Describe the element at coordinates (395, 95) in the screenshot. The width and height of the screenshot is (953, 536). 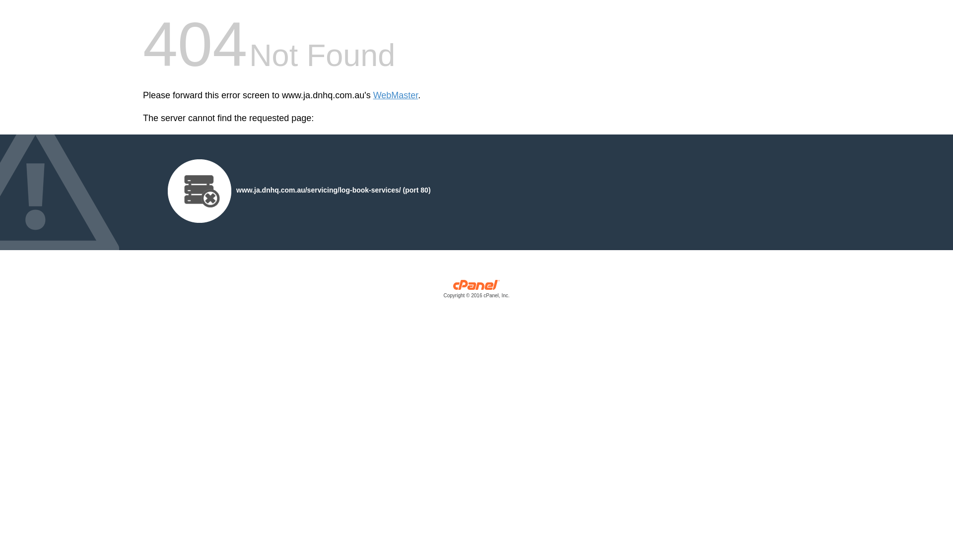
I see `'WebMaster'` at that location.